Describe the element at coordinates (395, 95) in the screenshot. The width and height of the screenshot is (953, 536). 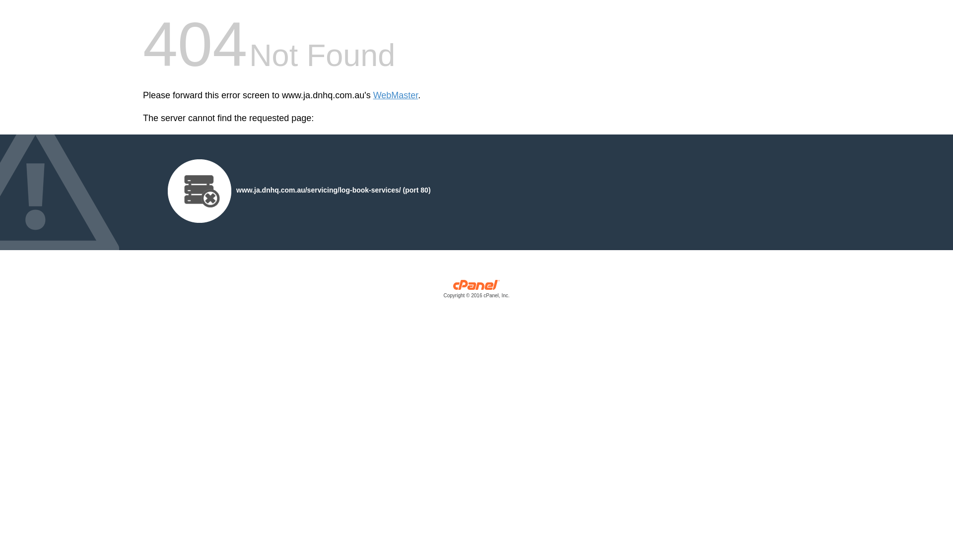
I see `'WebMaster'` at that location.